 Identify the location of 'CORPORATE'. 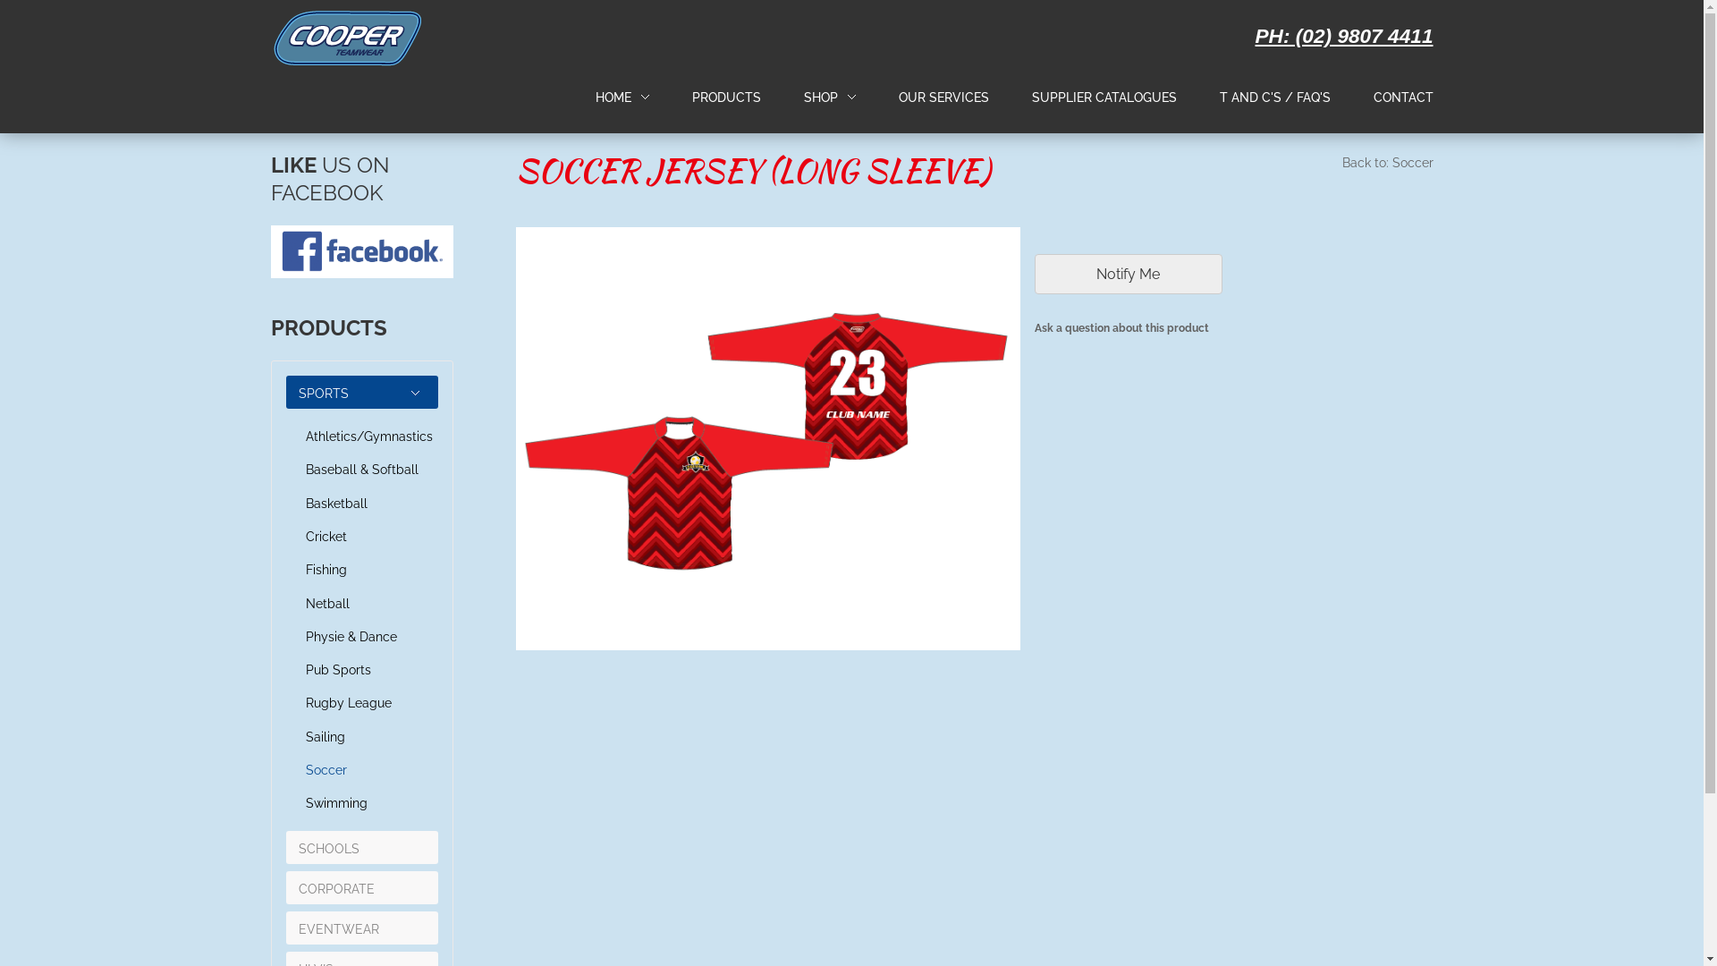
(336, 889).